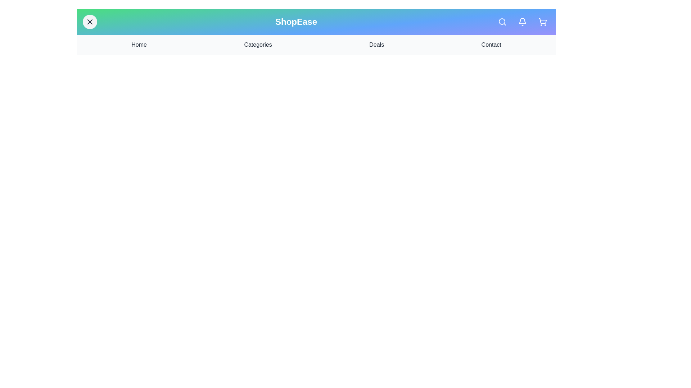  I want to click on the cart icon in the navigation bar, so click(542, 22).